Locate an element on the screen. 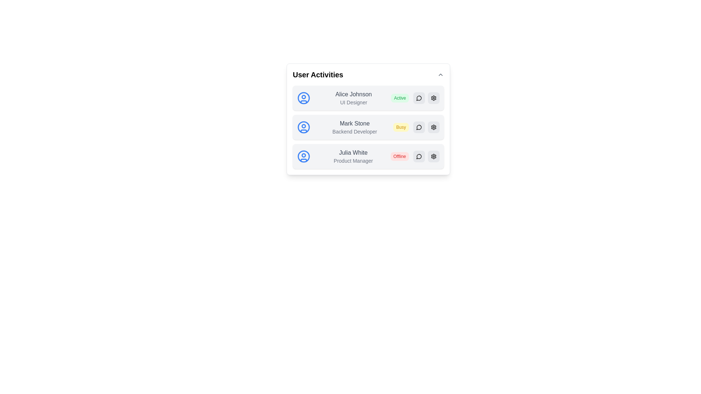 The width and height of the screenshot is (701, 394). the Status indicator badge that shows the current status ('Busy') of the user Mark Stone, located in the second row of the user activity list, to the right of the text content and left of interactive buttons is located at coordinates (401, 127).